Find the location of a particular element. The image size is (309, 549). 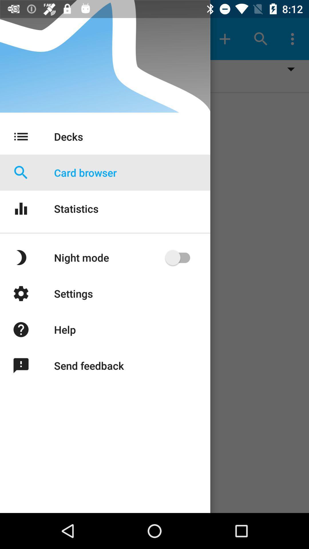

three dots icon right to search icon in top right of the page is located at coordinates (294, 39).